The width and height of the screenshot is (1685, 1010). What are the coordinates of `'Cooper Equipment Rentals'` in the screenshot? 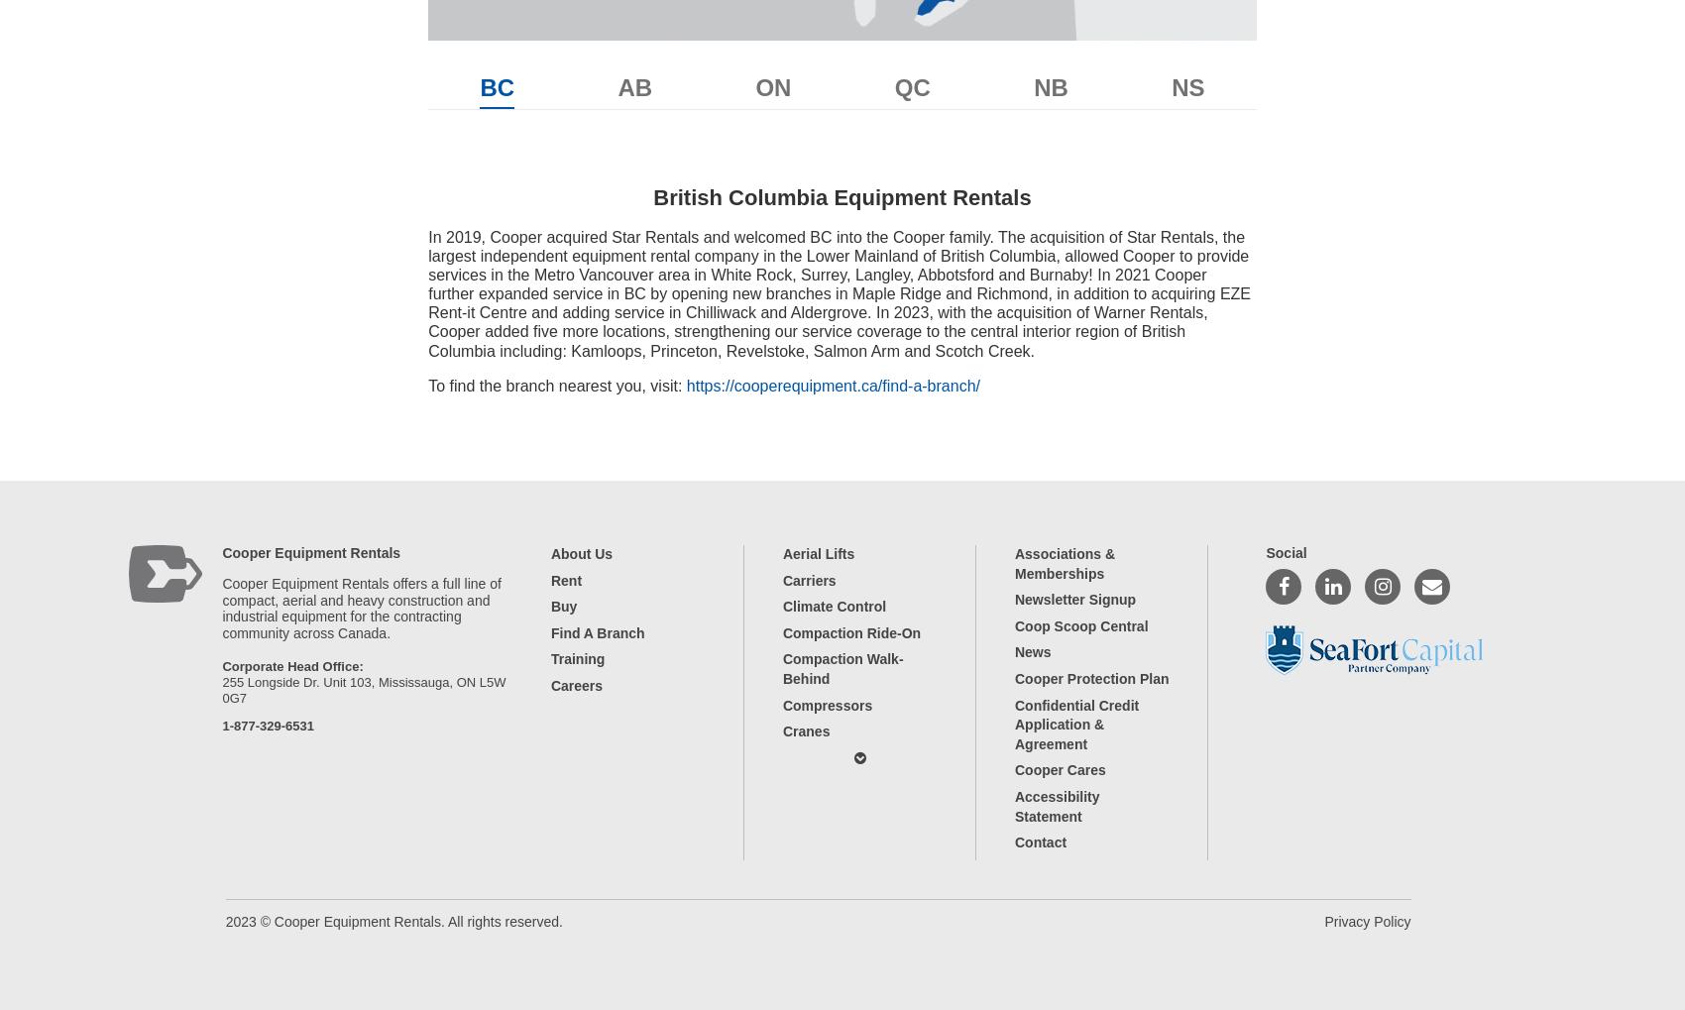 It's located at (310, 552).